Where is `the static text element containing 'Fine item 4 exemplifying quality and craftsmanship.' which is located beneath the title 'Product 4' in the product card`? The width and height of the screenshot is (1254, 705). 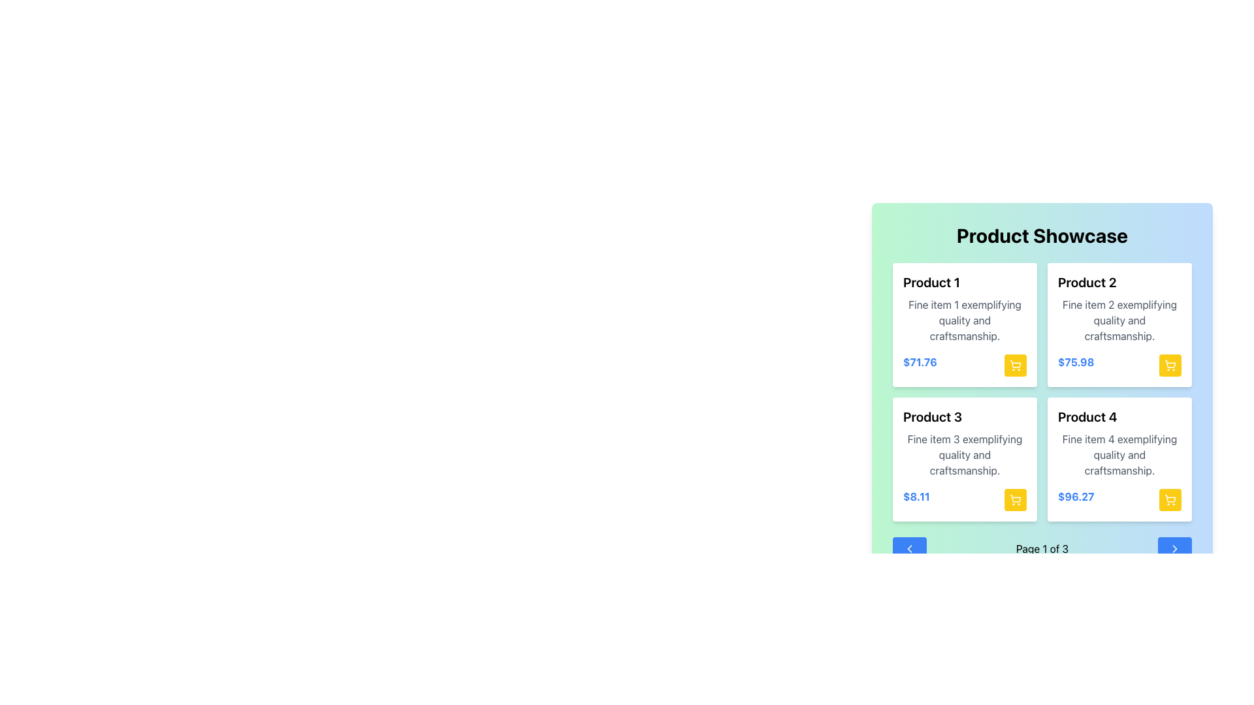 the static text element containing 'Fine item 4 exemplifying quality and craftsmanship.' which is located beneath the title 'Product 4' in the product card is located at coordinates (1119, 454).